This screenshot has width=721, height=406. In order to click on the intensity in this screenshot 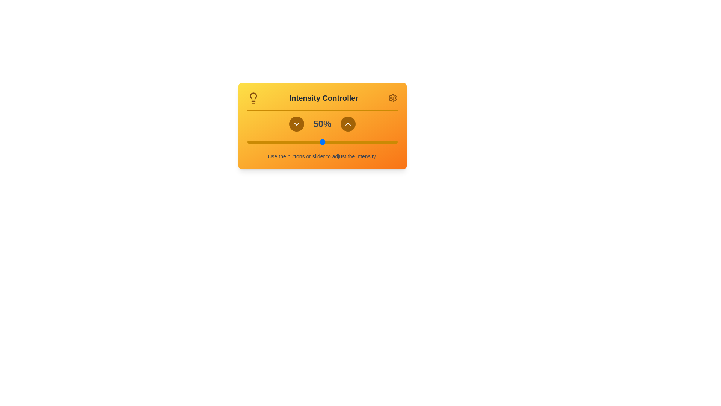, I will do `click(379, 142)`.